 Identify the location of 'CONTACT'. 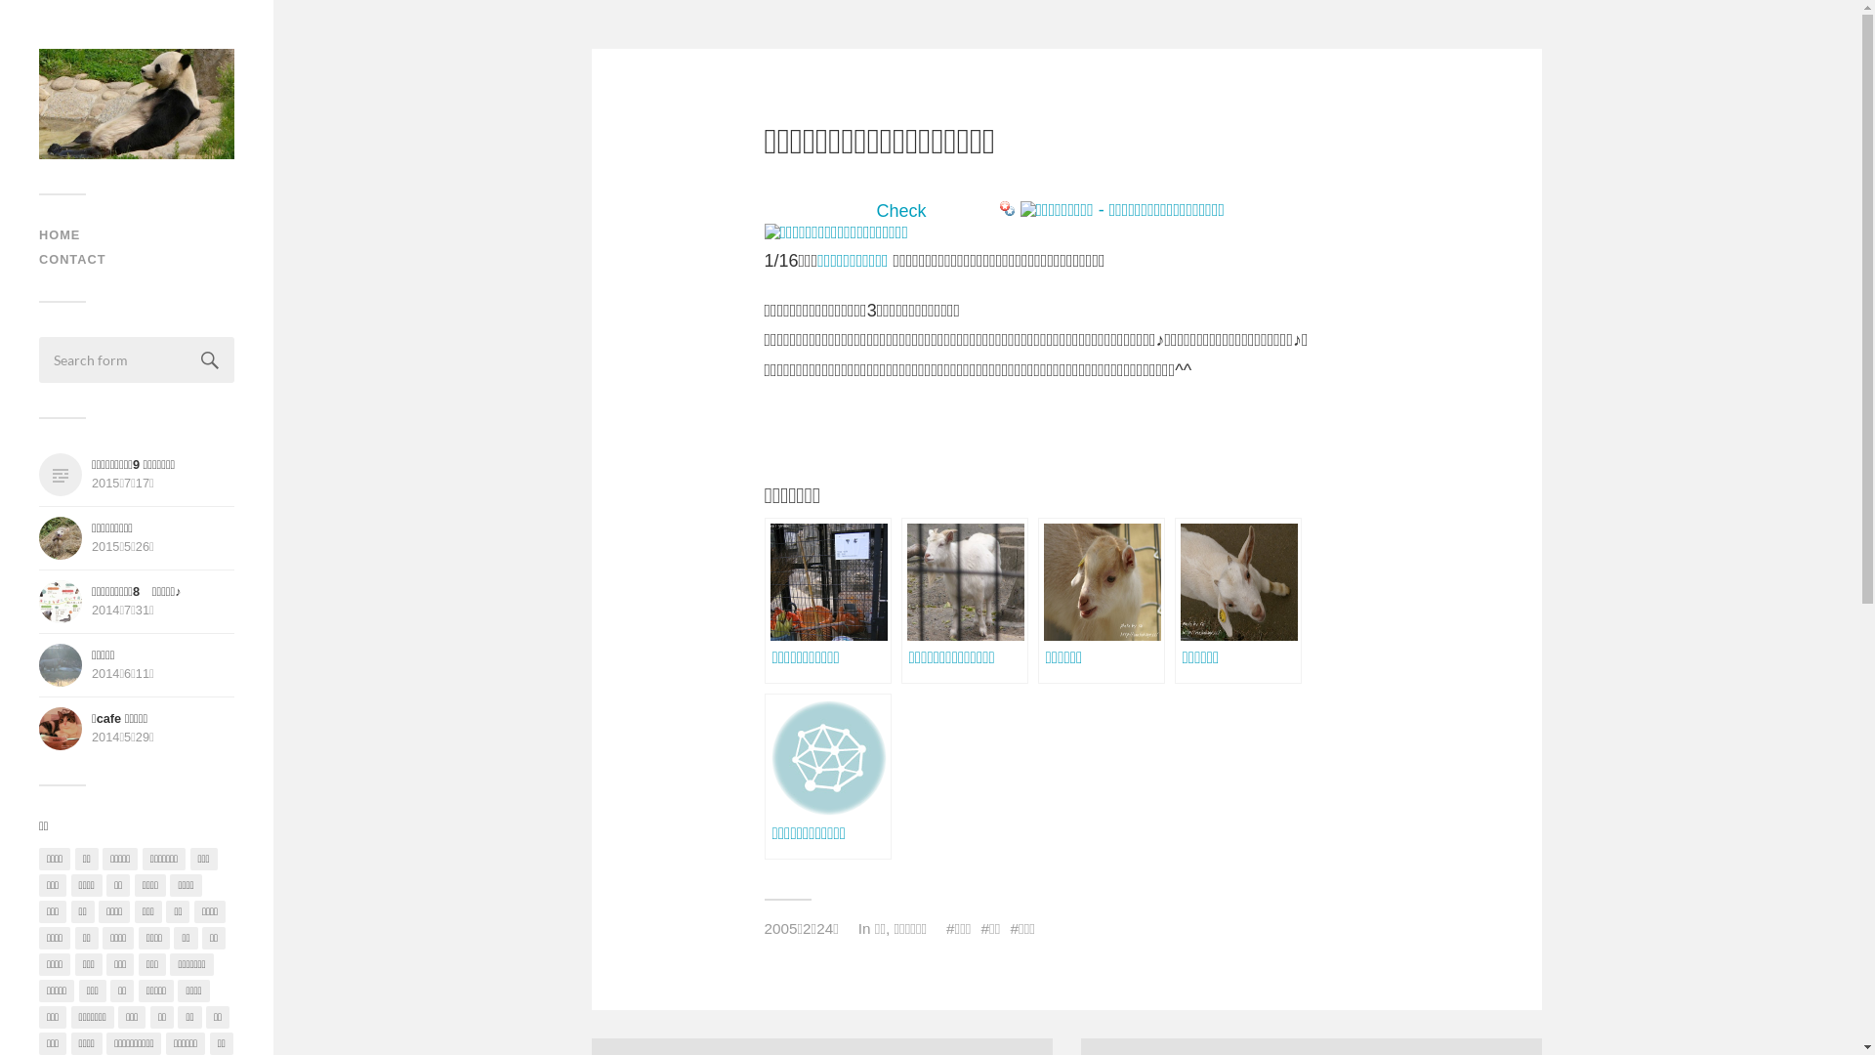
(71, 258).